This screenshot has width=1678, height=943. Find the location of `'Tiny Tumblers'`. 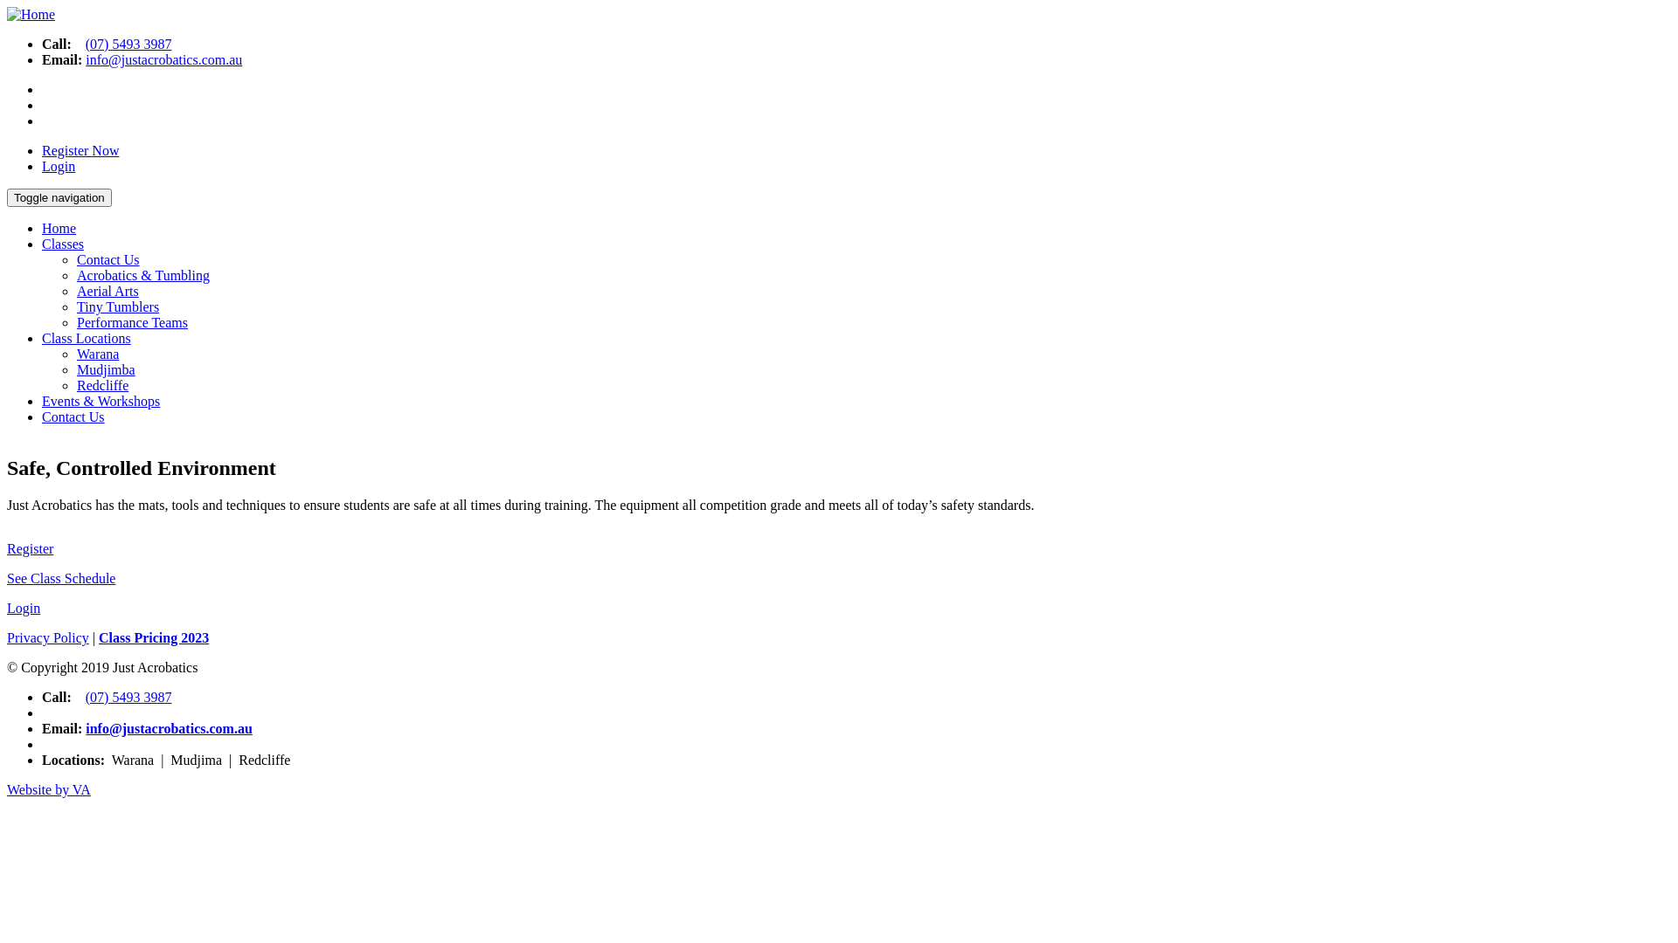

'Tiny Tumblers' is located at coordinates (75, 306).